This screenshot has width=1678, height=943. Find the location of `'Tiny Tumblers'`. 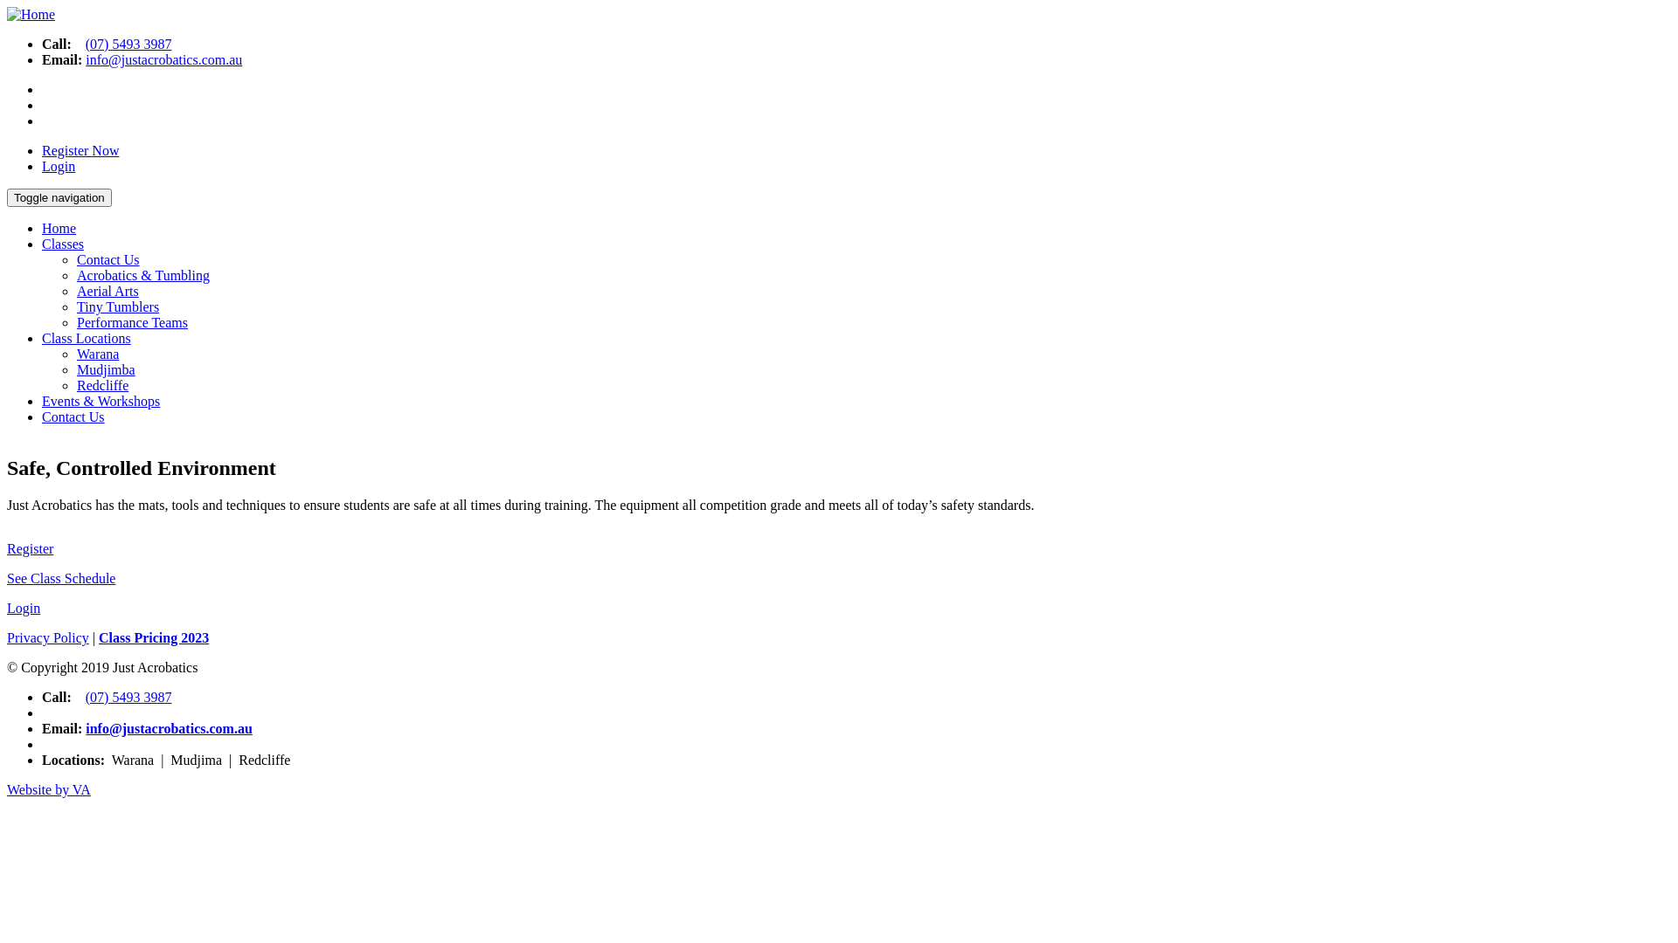

'Tiny Tumblers' is located at coordinates (75, 306).